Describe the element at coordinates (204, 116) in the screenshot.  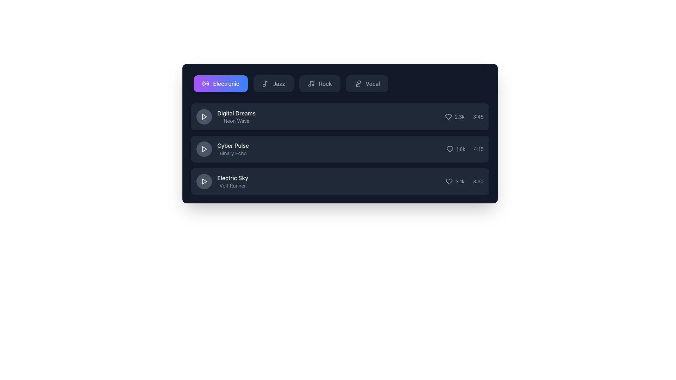
I see `the 'Play' button located on the left side of the first item titled 'Digital Dreams' in the 'Electronic' category` at that location.